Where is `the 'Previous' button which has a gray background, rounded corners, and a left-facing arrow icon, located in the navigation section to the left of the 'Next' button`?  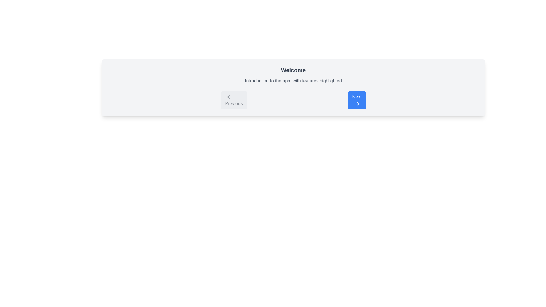 the 'Previous' button which has a gray background, rounded corners, and a left-facing arrow icon, located in the navigation section to the left of the 'Next' button is located at coordinates (234, 100).